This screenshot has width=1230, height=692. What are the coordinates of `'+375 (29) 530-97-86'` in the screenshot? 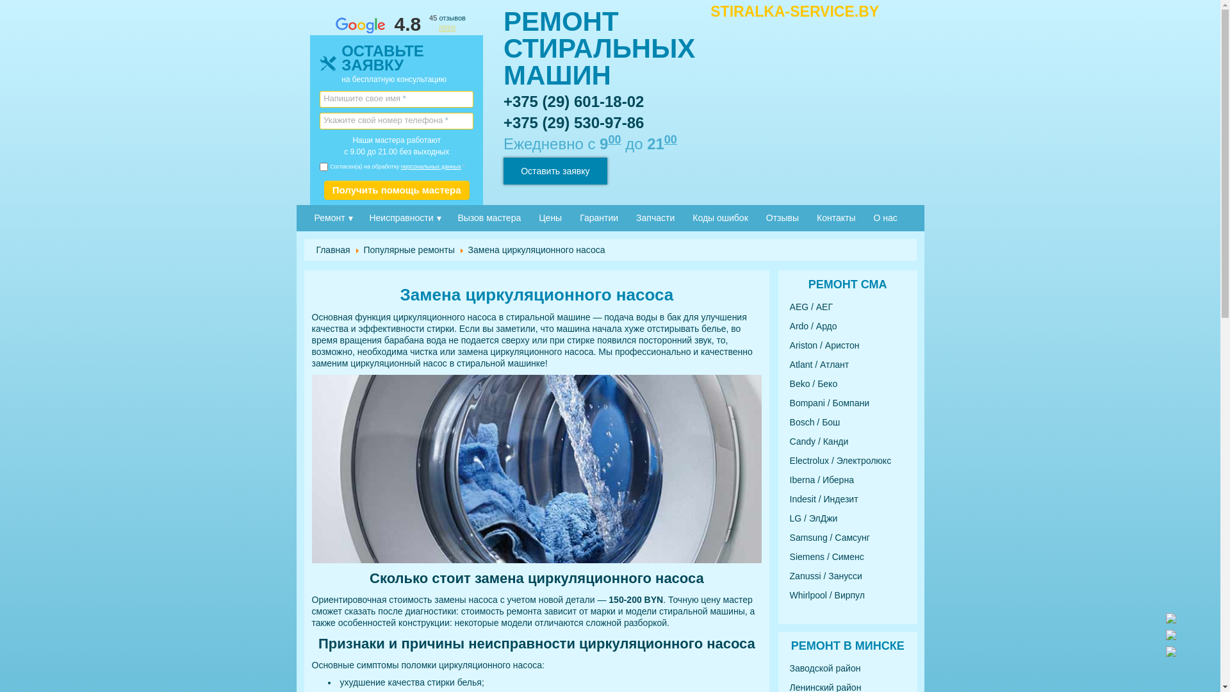 It's located at (573, 122).